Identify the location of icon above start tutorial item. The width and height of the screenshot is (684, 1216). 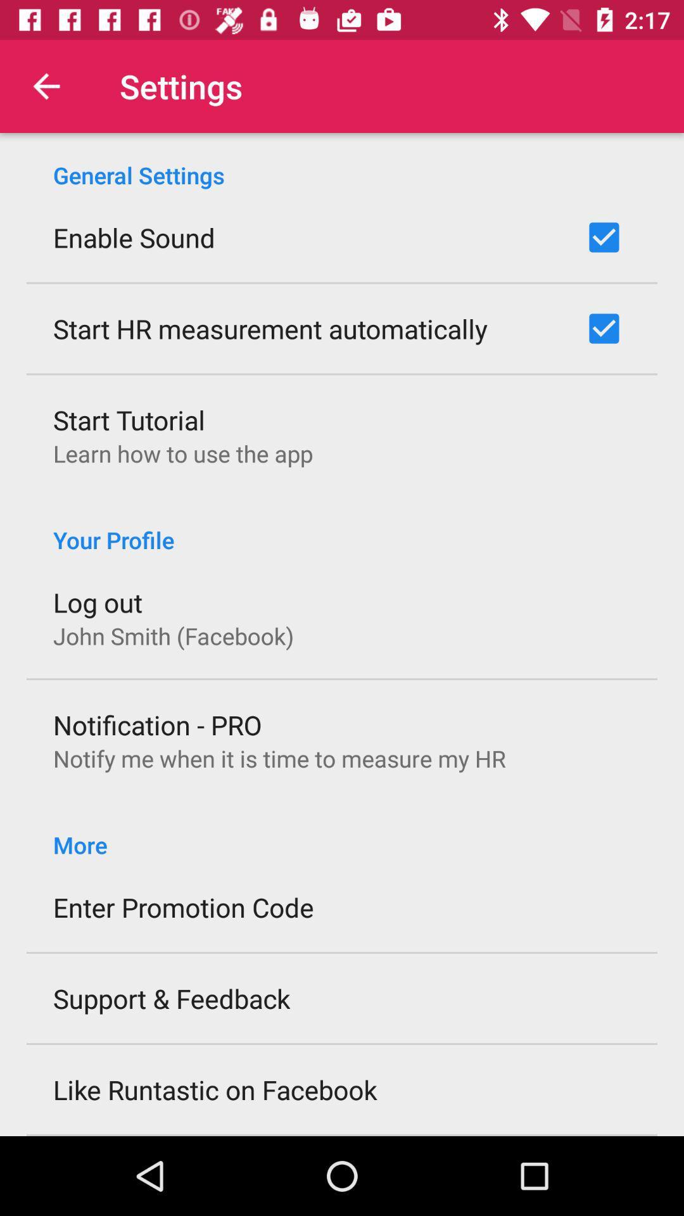
(270, 328).